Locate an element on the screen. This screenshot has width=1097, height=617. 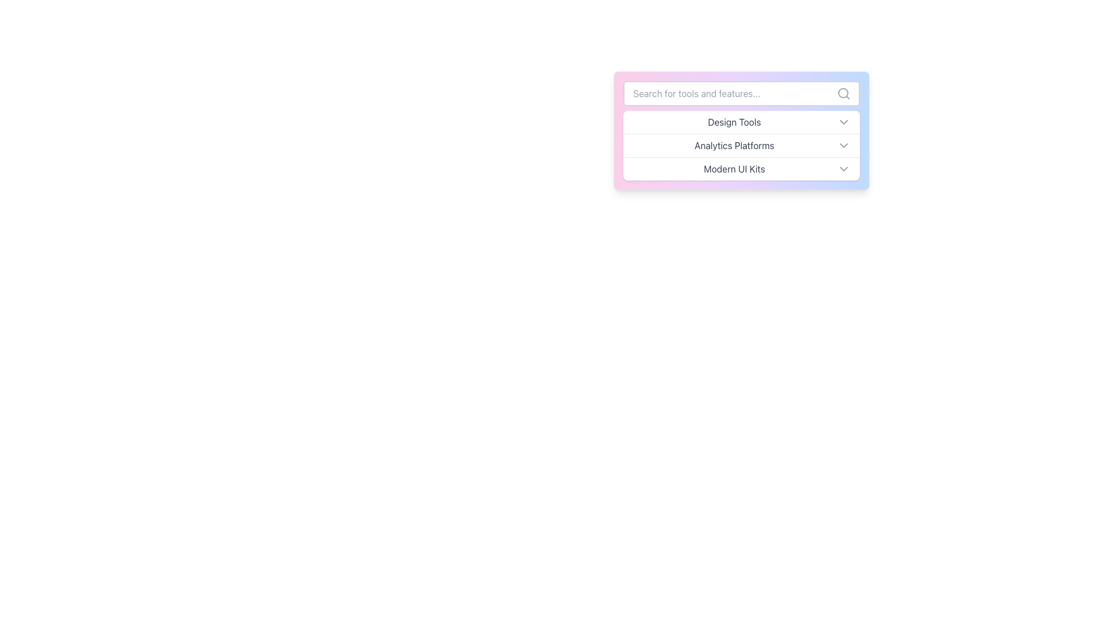
the search icon located at the far right inside the associated search bar input field, which helps users recognize its purpose as a search functionality is located at coordinates (843, 93).